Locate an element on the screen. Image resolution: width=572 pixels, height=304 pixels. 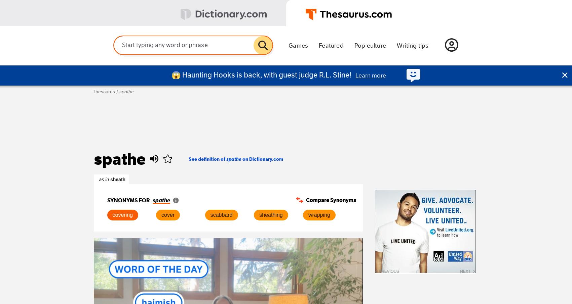
'Some people say that Shakespeare coined over 1600 words, but most of them likely existed in spoken form before Shakespeare popularized them in his writing.' is located at coordinates (274, 253).